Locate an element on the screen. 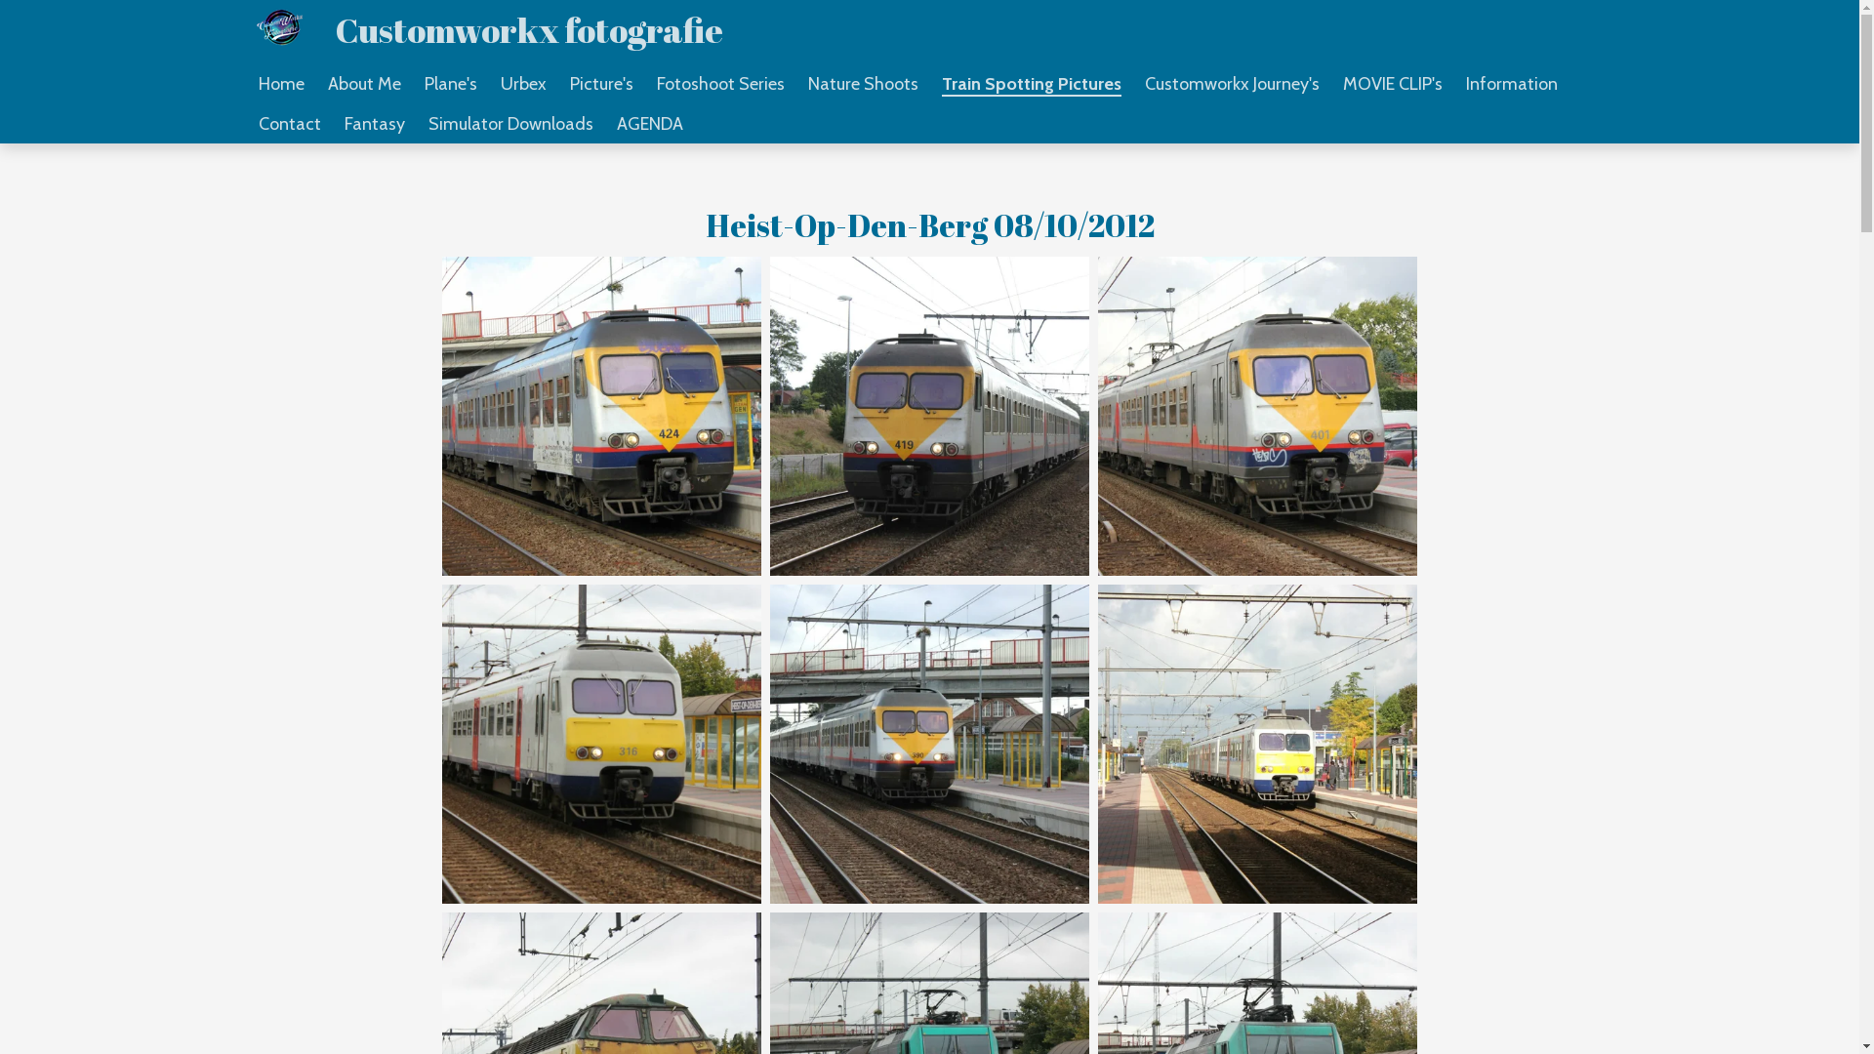 The image size is (1874, 1054). 'Customworkx Journey's' is located at coordinates (1230, 82).